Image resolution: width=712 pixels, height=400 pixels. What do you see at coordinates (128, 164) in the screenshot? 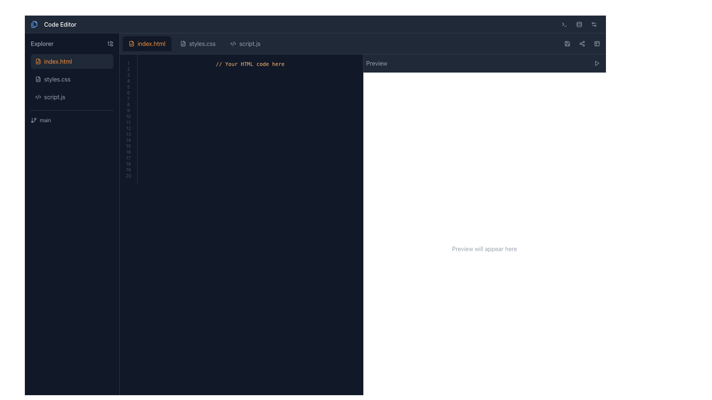
I see `the static text element displaying the number '18' in gray tone, which is the 18th item in a vertical list of numbers on the left sidebar` at bounding box center [128, 164].